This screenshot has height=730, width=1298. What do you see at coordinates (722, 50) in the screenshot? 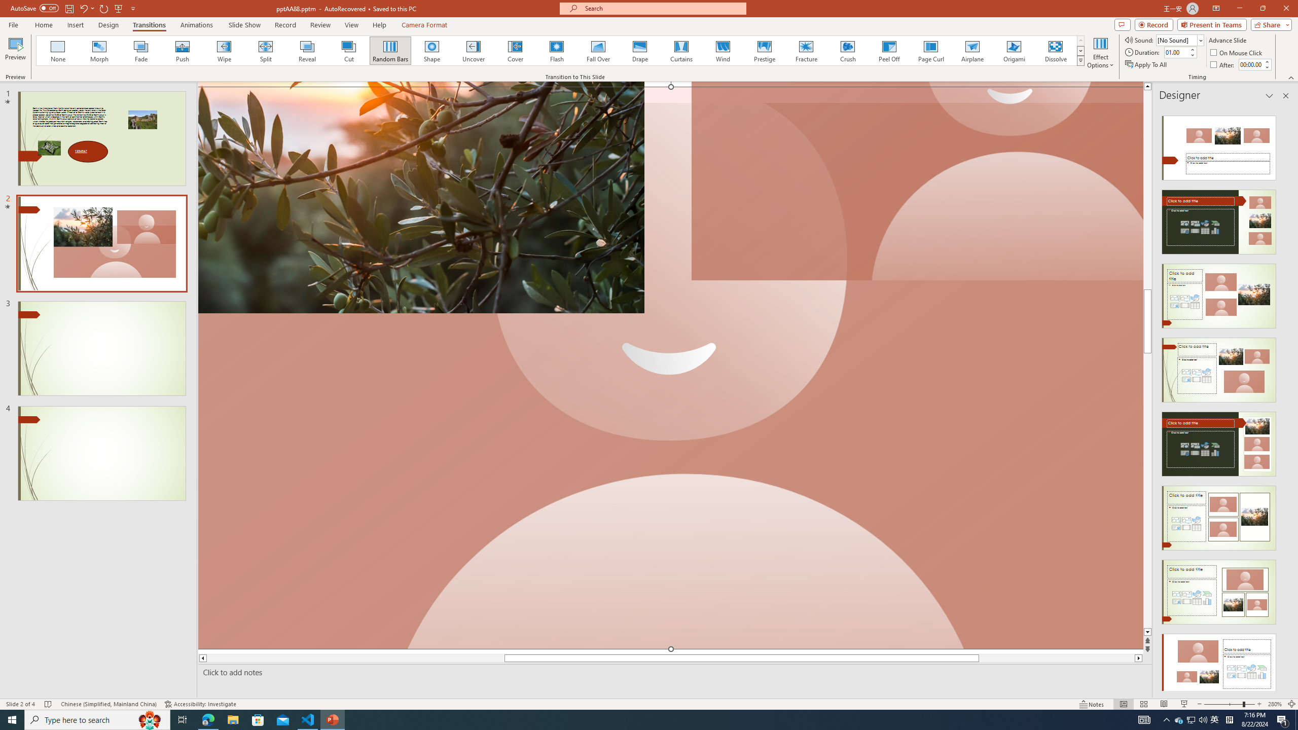
I see `'Wind'` at bounding box center [722, 50].